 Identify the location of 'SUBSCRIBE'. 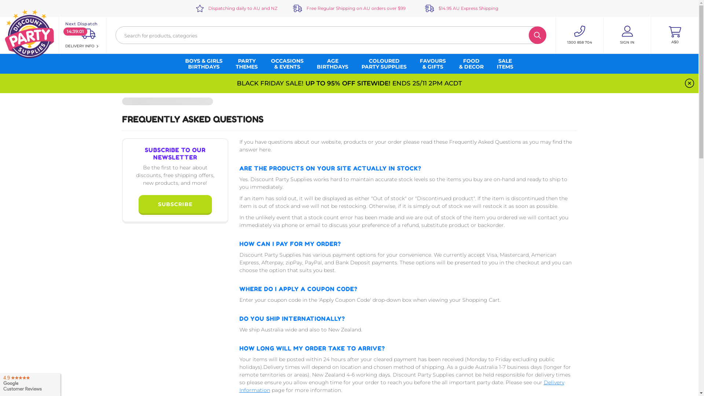
(174, 204).